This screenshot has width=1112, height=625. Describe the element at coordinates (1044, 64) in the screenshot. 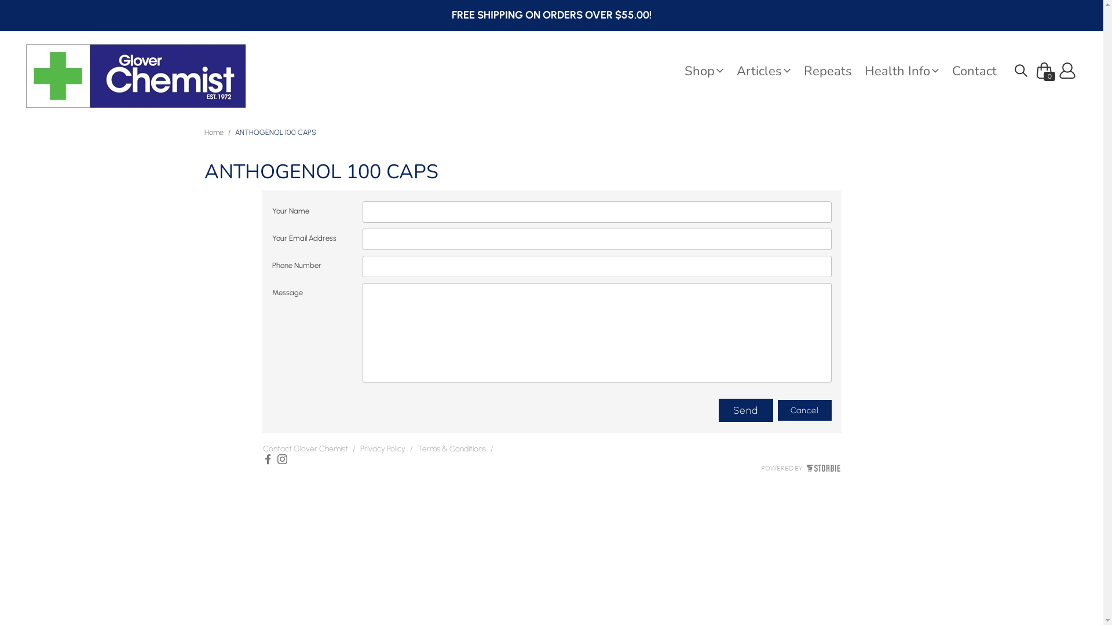

I see `'  0'` at that location.